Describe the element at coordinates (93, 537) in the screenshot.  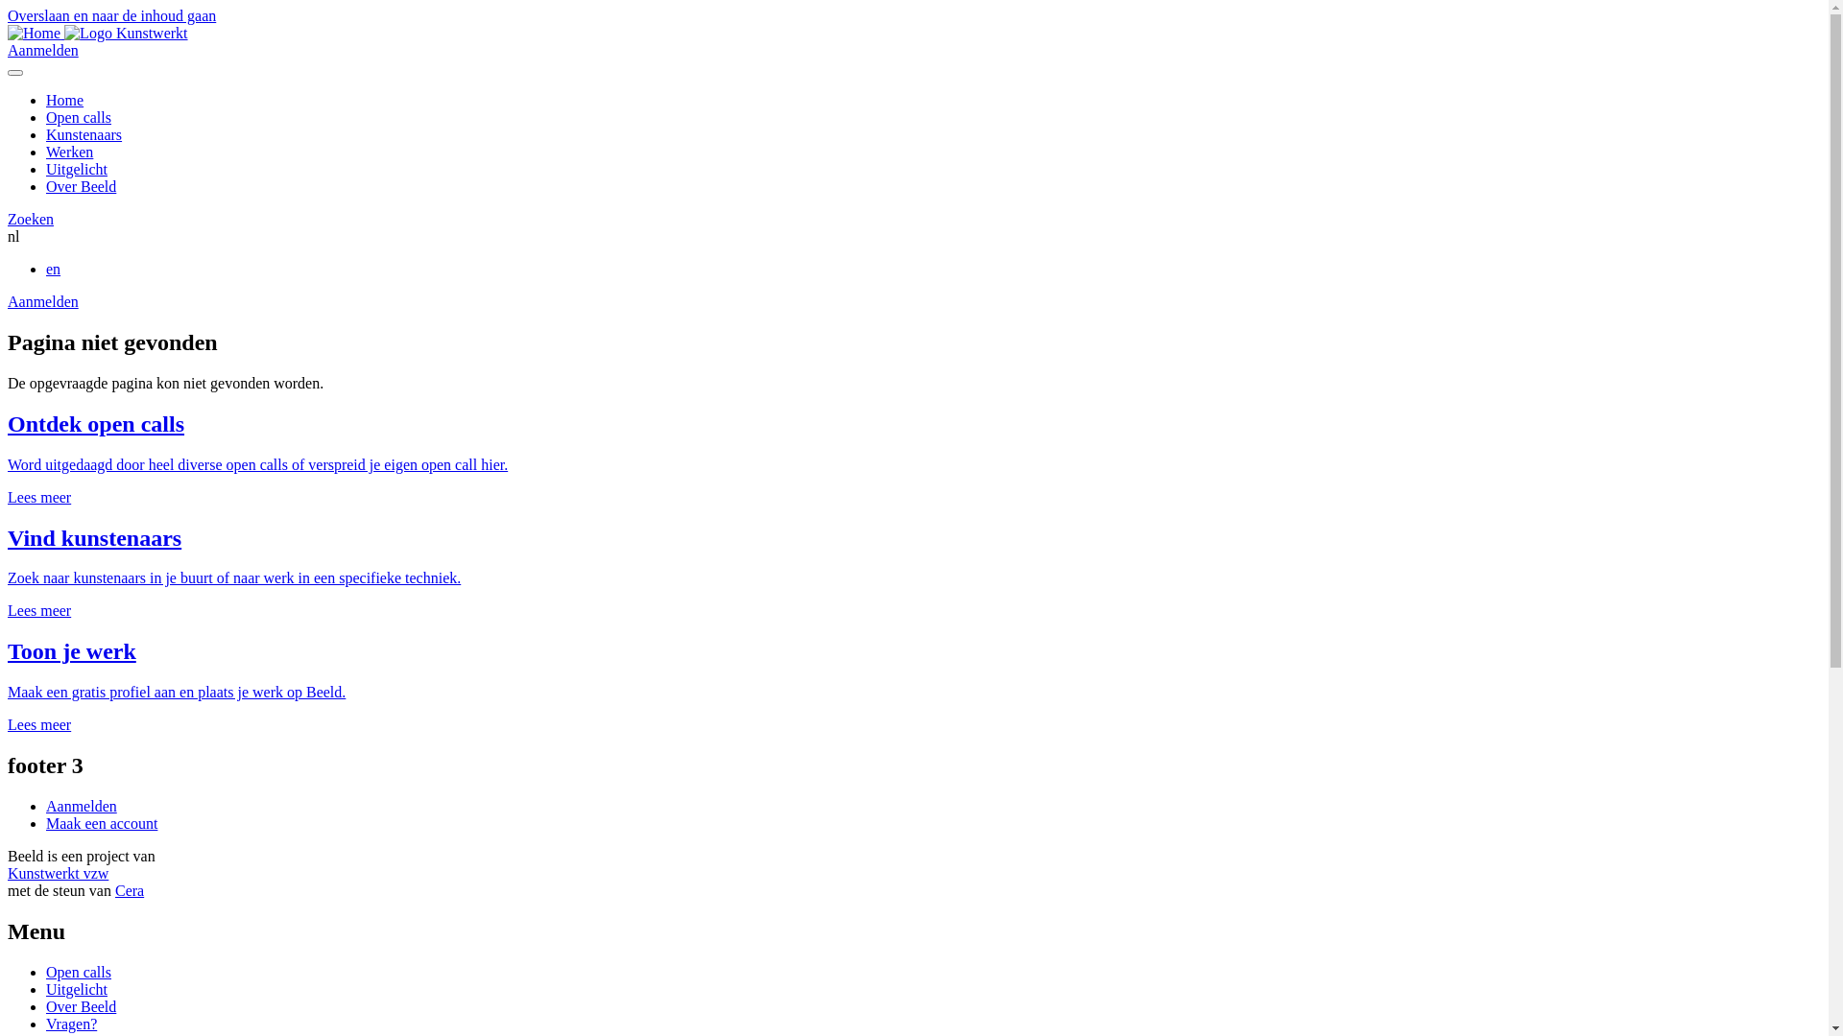
I see `'Vind kunstenaars'` at that location.